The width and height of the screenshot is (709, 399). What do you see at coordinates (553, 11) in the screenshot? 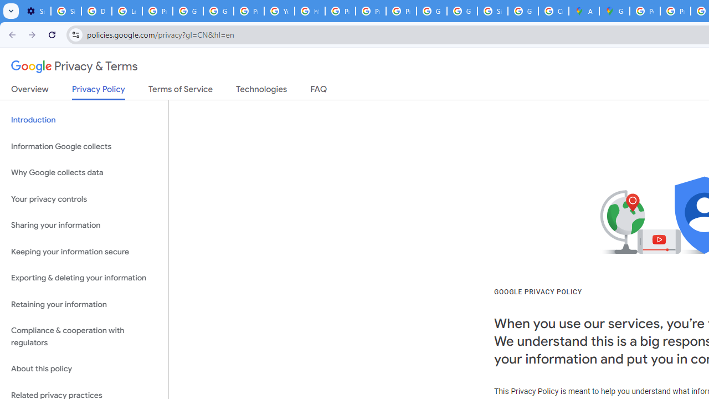
I see `'Create your Google Account'` at bounding box center [553, 11].